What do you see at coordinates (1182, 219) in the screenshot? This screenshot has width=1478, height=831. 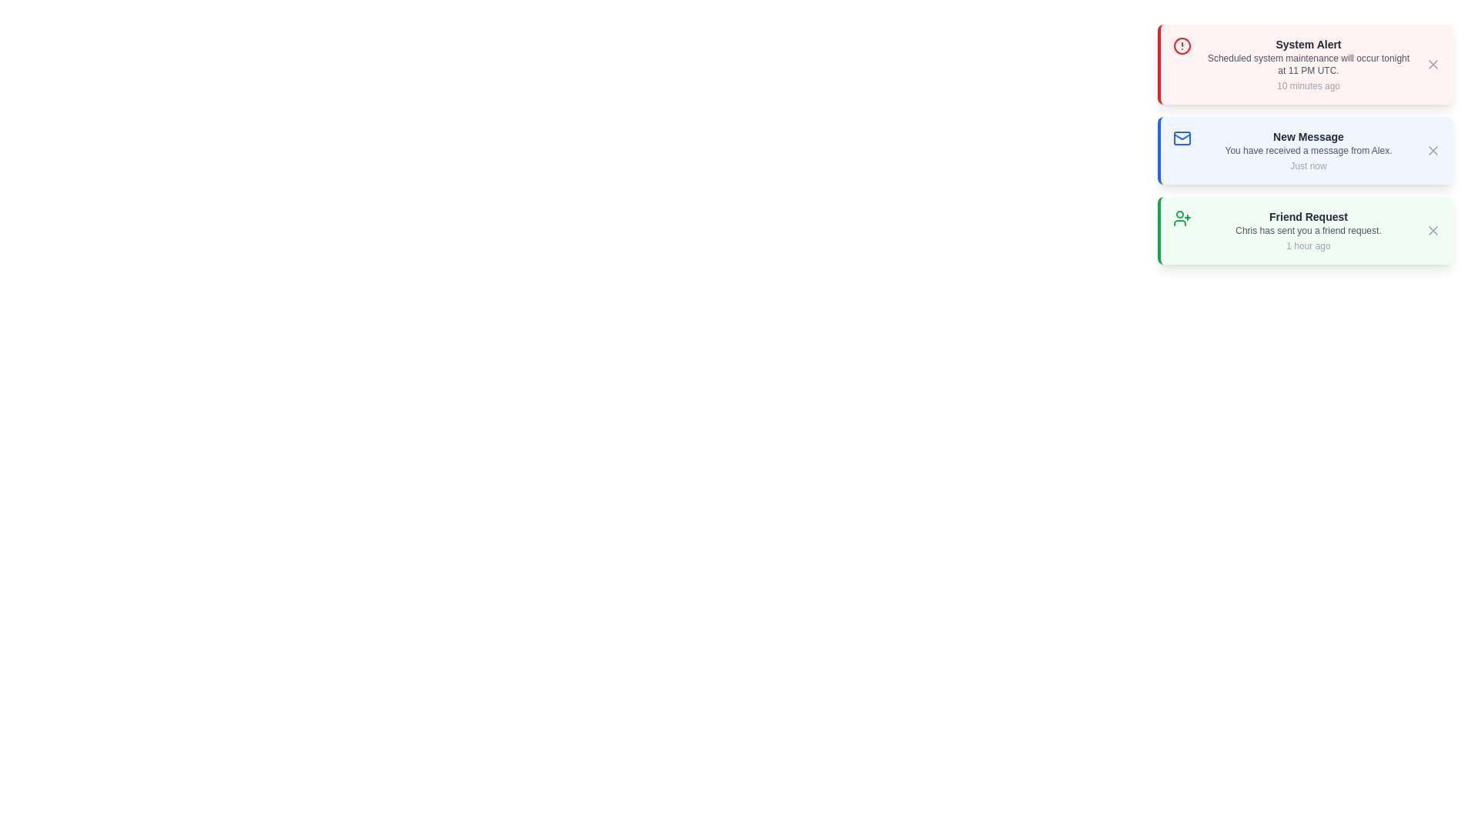 I see `the friend request icon located at the leftmost side of the notification panel, adjacent to the 'Friend Request' text` at bounding box center [1182, 219].